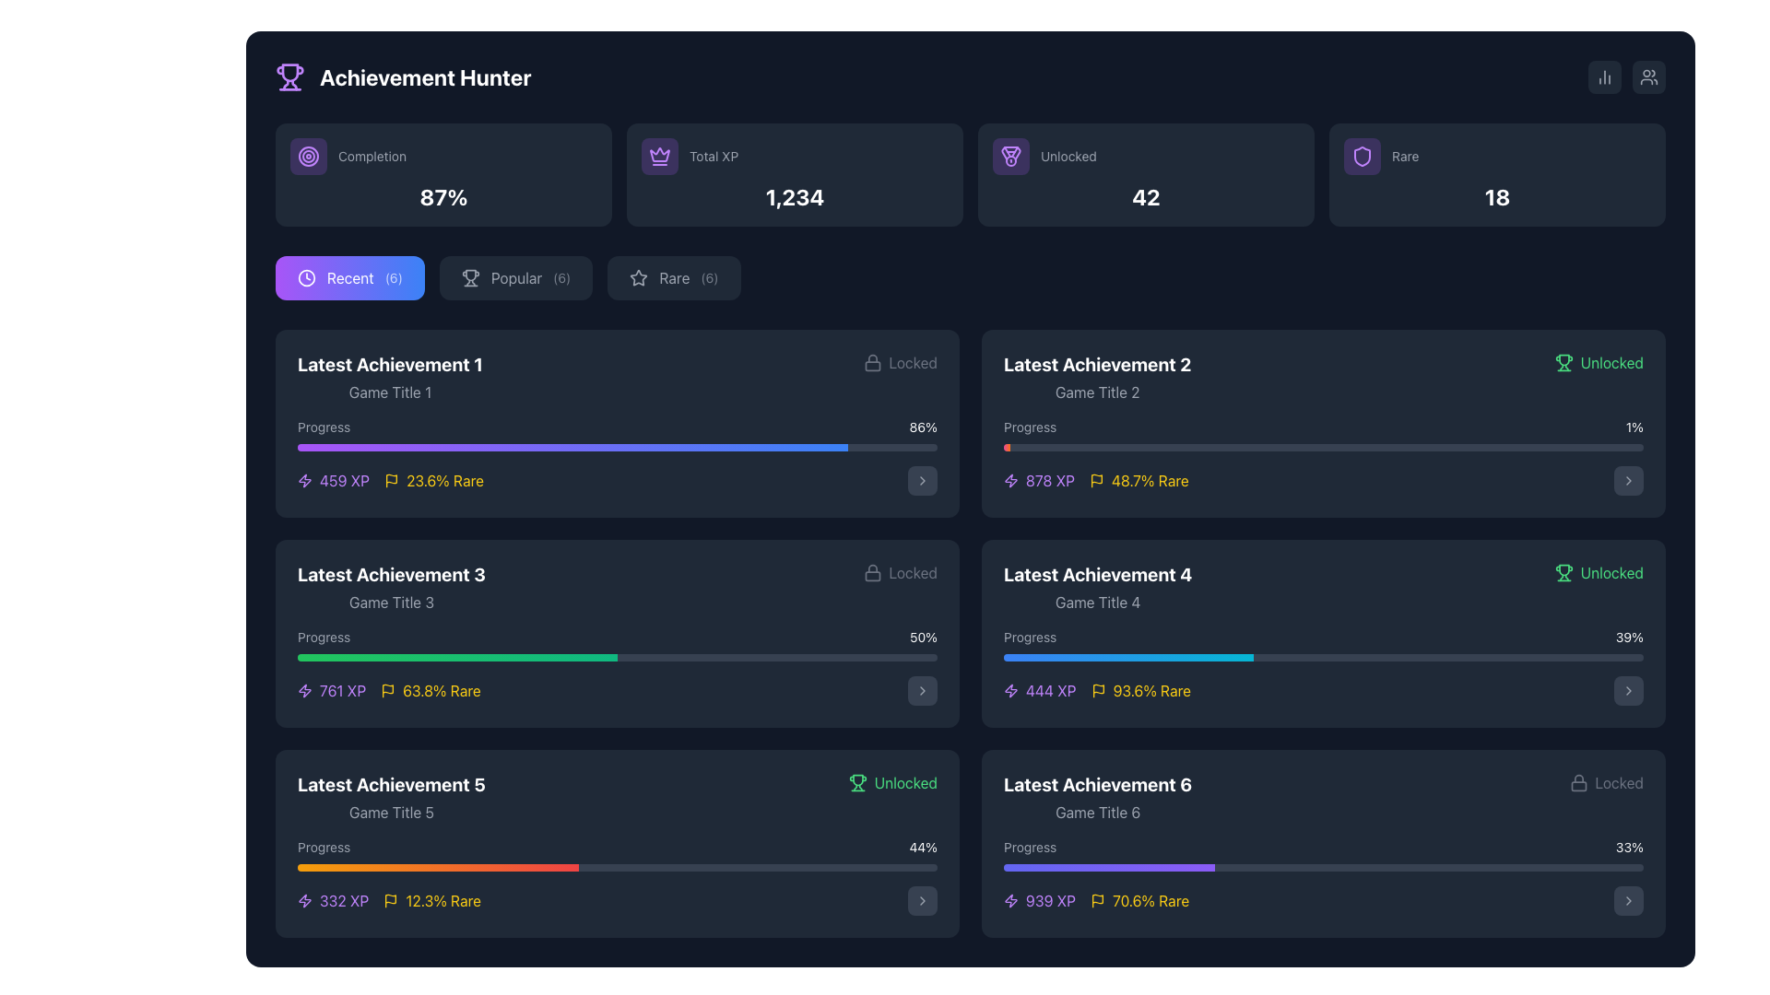 The height and width of the screenshot is (995, 1770). I want to click on the Icon button located in the top-right corner of the interface, so click(1649, 76).